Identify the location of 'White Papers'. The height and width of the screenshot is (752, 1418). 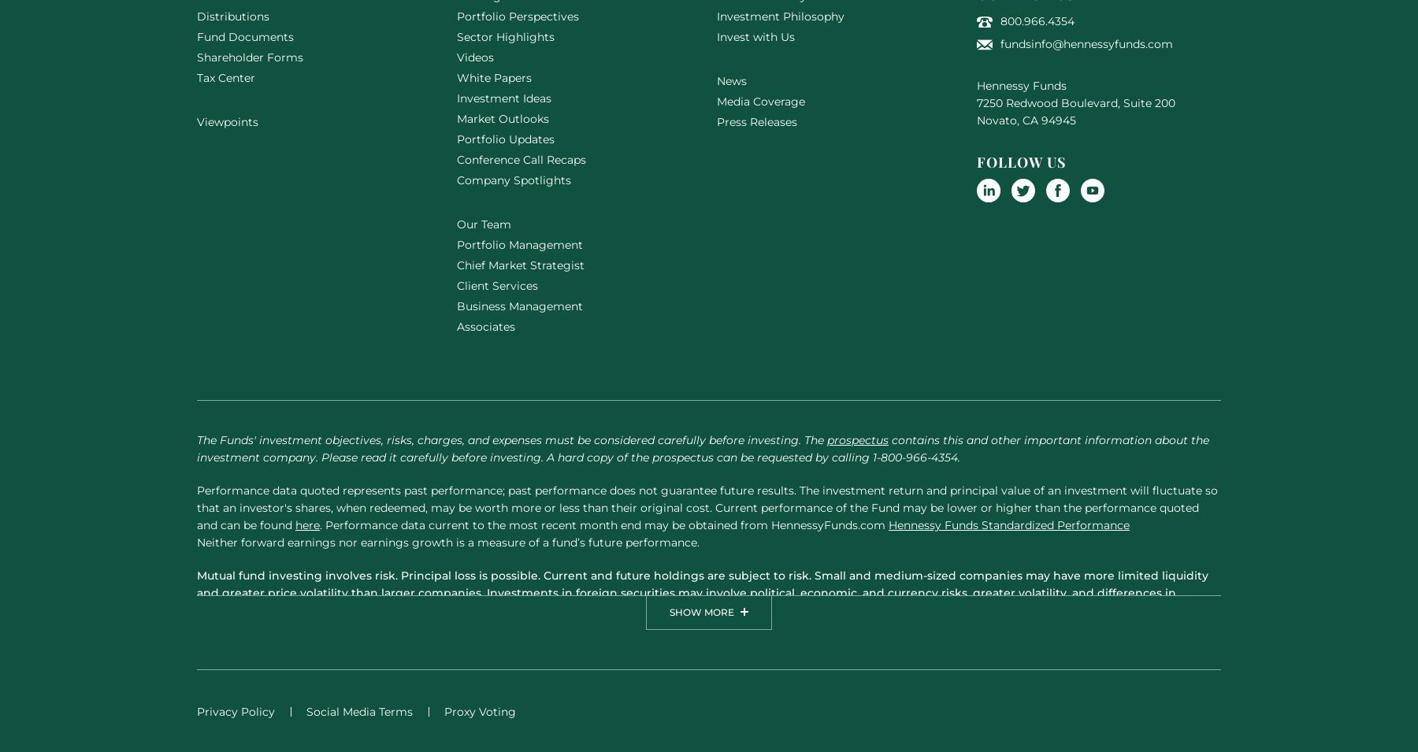
(494, 76).